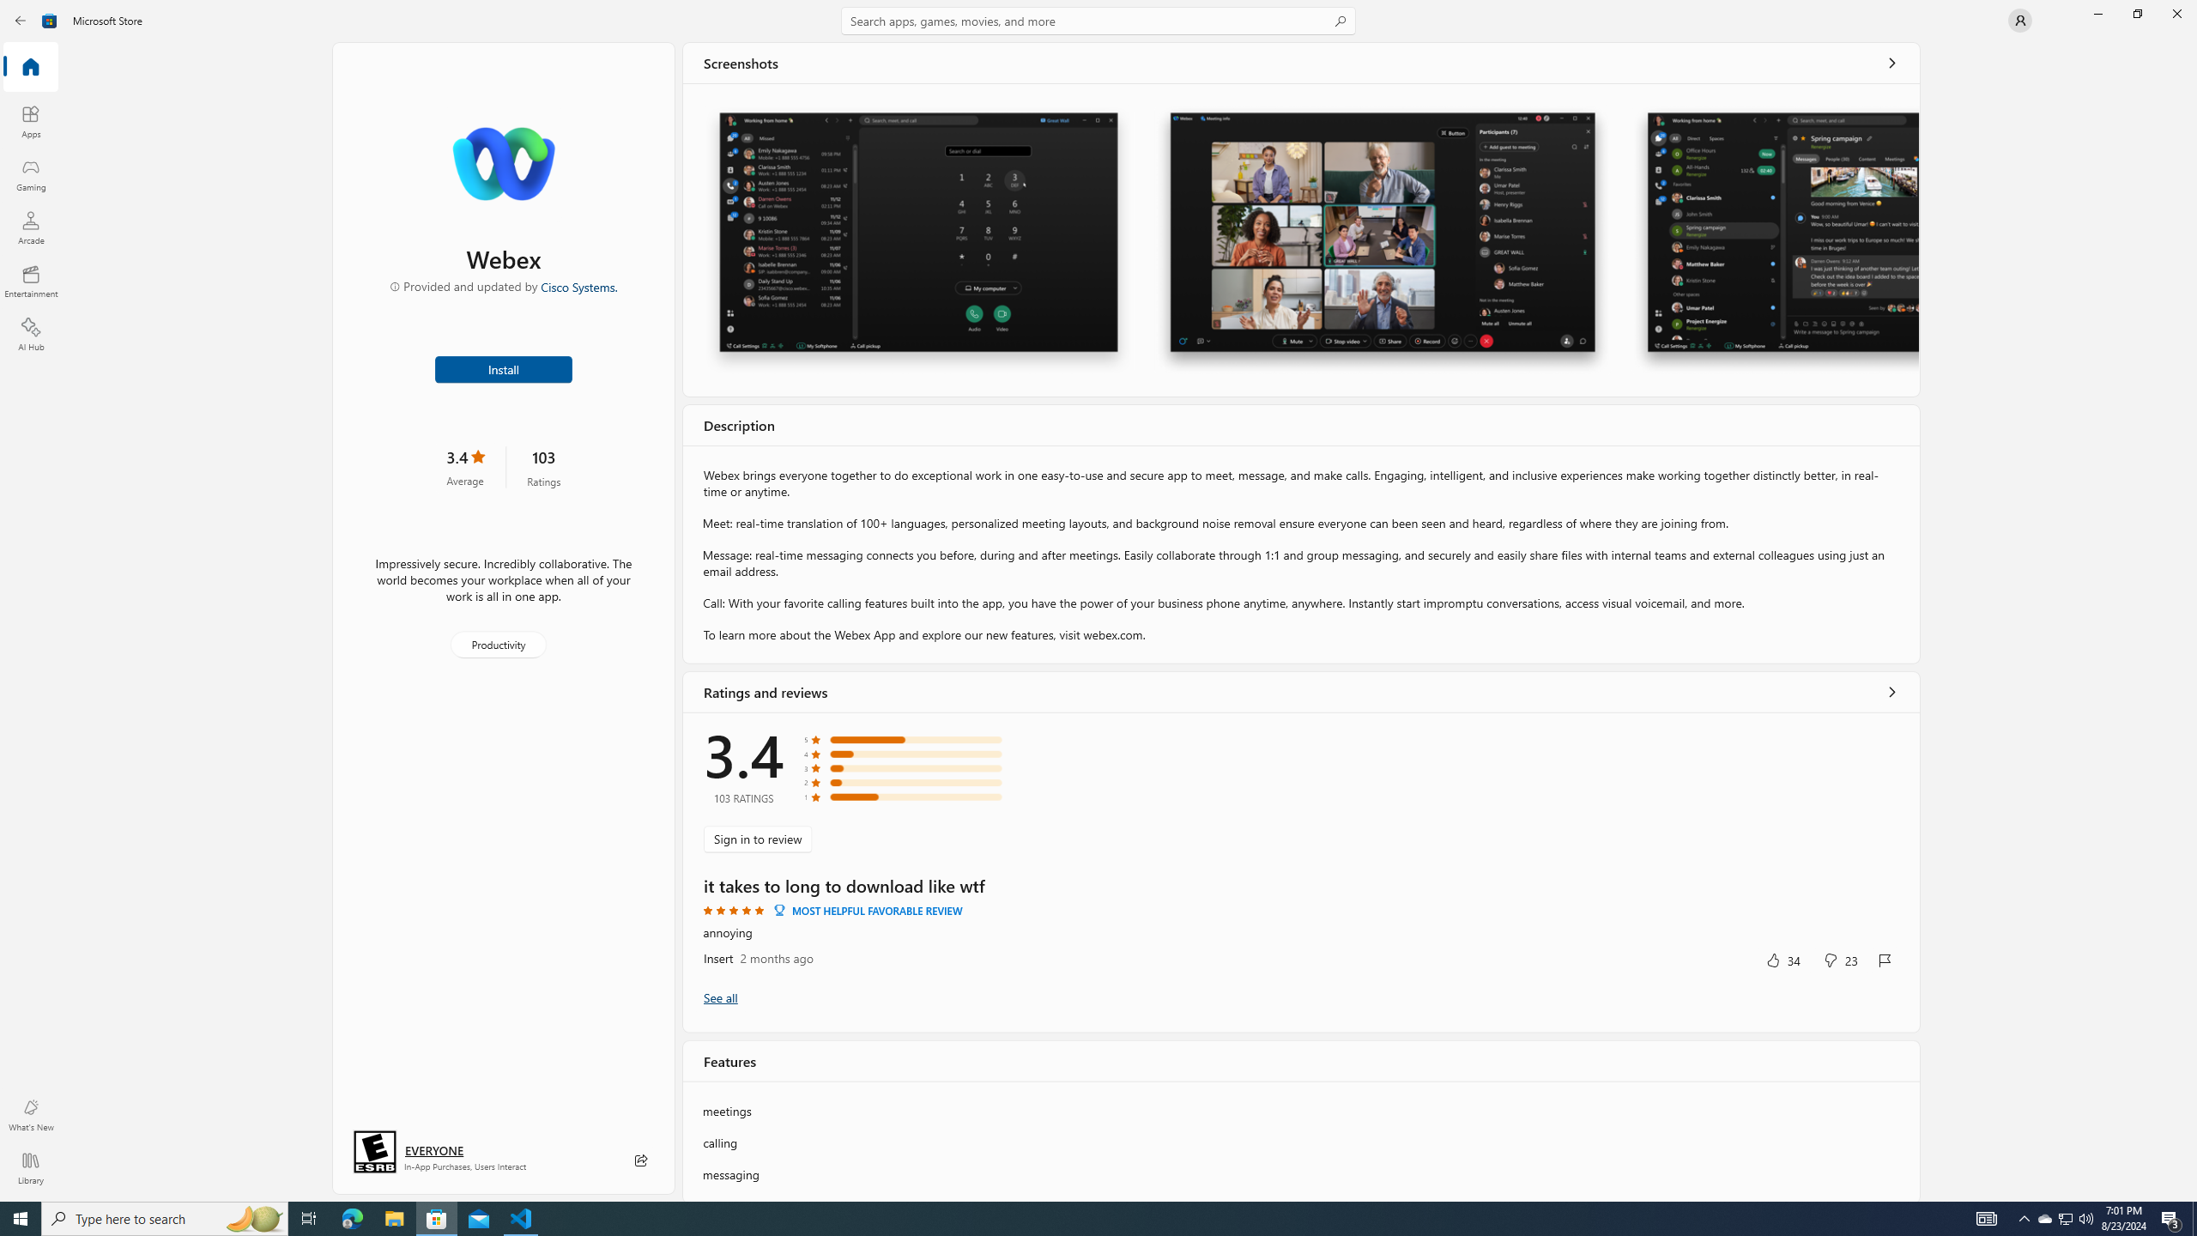 Image resolution: width=2197 pixels, height=1236 pixels. Describe the element at coordinates (1382, 239) in the screenshot. I see `'Screenshot 2'` at that location.